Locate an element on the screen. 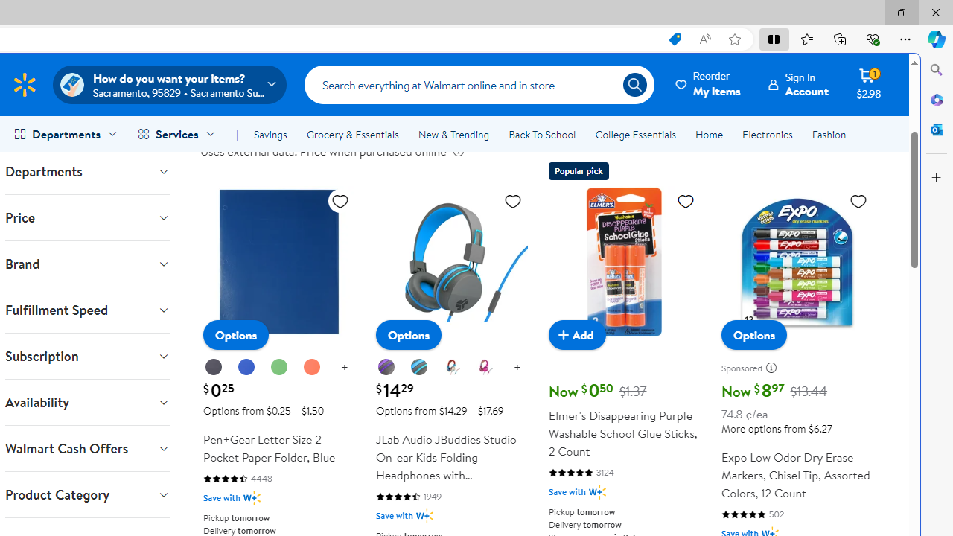 This screenshot has height=536, width=953. 'Green' is located at coordinates (279, 368).